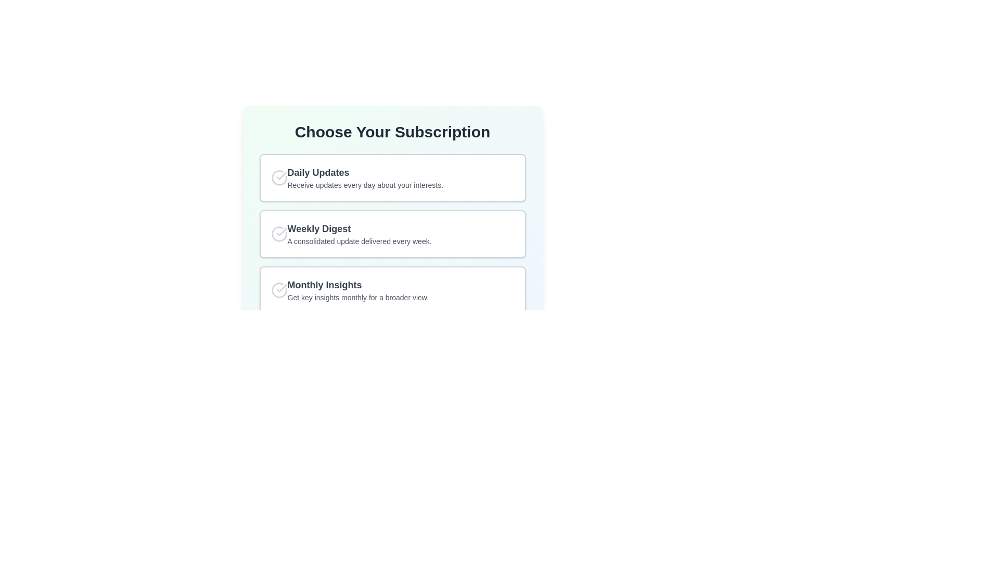 The image size is (999, 562). Describe the element at coordinates (279, 234) in the screenshot. I see `the circular icon with a checkmark inside, located within the 'Weekly Digest' selection box` at that location.